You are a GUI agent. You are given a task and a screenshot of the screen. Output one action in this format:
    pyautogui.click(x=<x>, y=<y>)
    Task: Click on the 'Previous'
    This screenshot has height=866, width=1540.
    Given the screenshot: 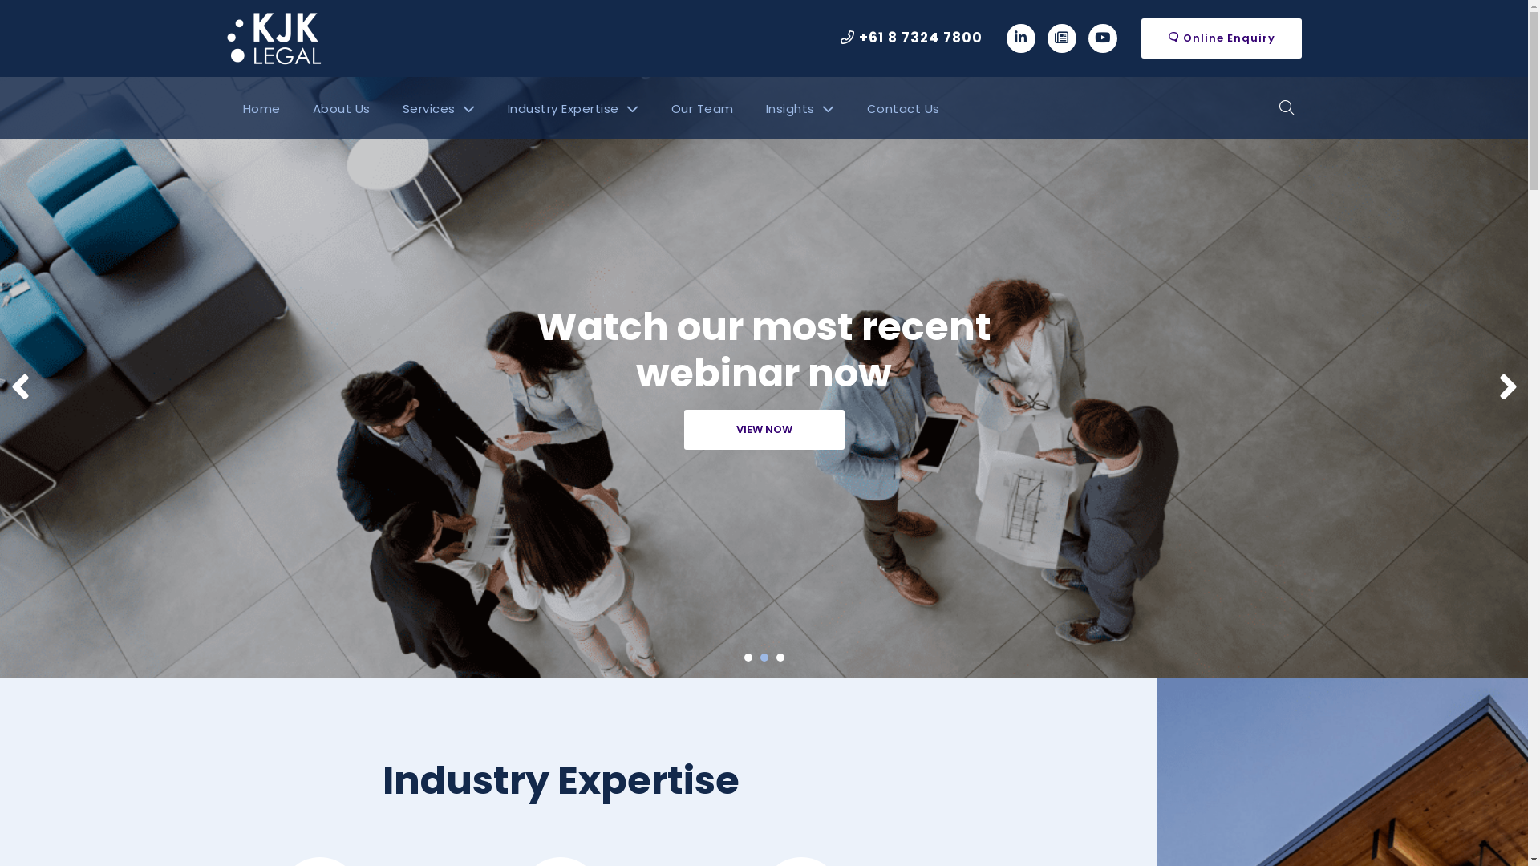 What is the action you would take?
    pyautogui.click(x=19, y=386)
    